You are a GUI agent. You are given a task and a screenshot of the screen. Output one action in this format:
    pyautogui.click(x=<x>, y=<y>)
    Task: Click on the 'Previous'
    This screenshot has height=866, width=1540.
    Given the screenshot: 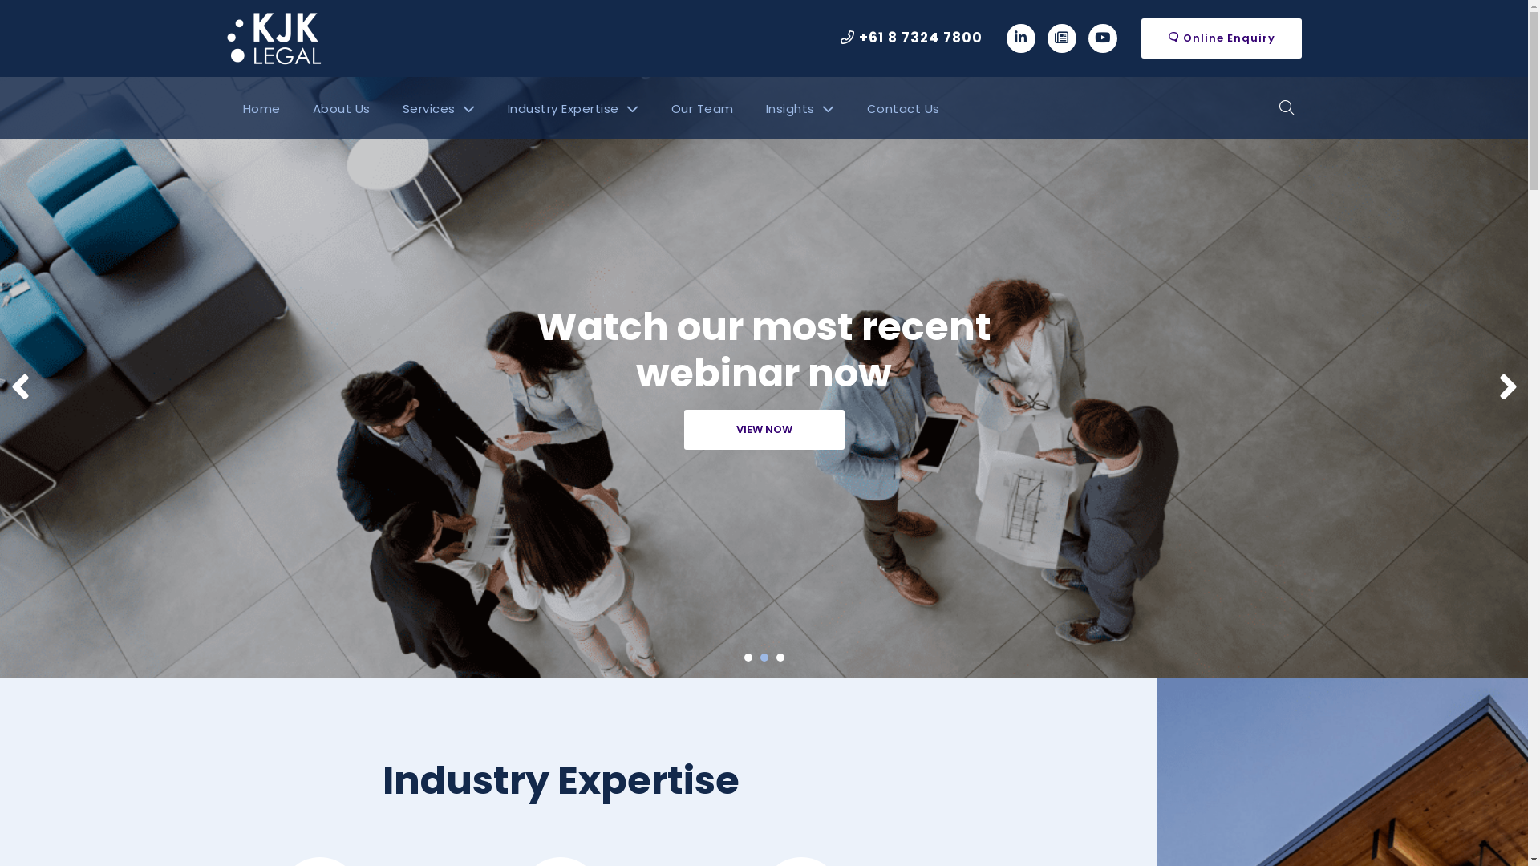 What is the action you would take?
    pyautogui.click(x=19, y=386)
    